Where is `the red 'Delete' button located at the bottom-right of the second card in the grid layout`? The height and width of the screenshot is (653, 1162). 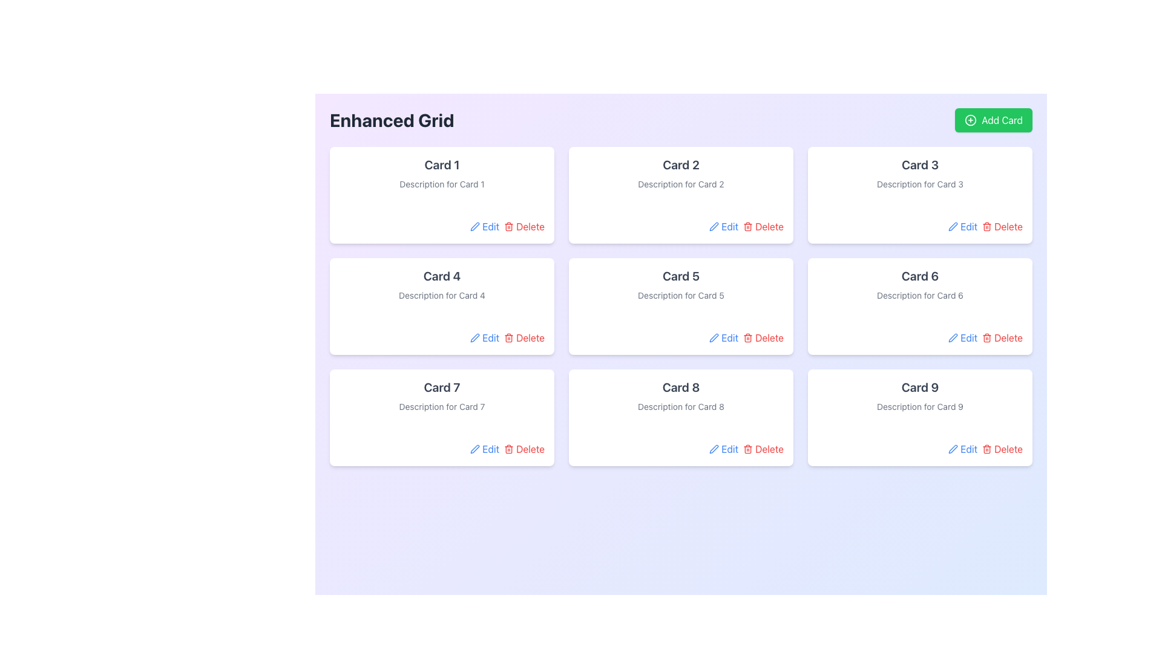 the red 'Delete' button located at the bottom-right of the second card in the grid layout is located at coordinates (763, 226).